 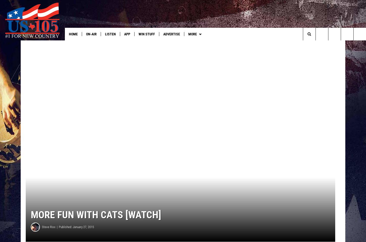 What do you see at coordinates (86, 34) in the screenshot?
I see `'On-Air'` at bounding box center [86, 34].